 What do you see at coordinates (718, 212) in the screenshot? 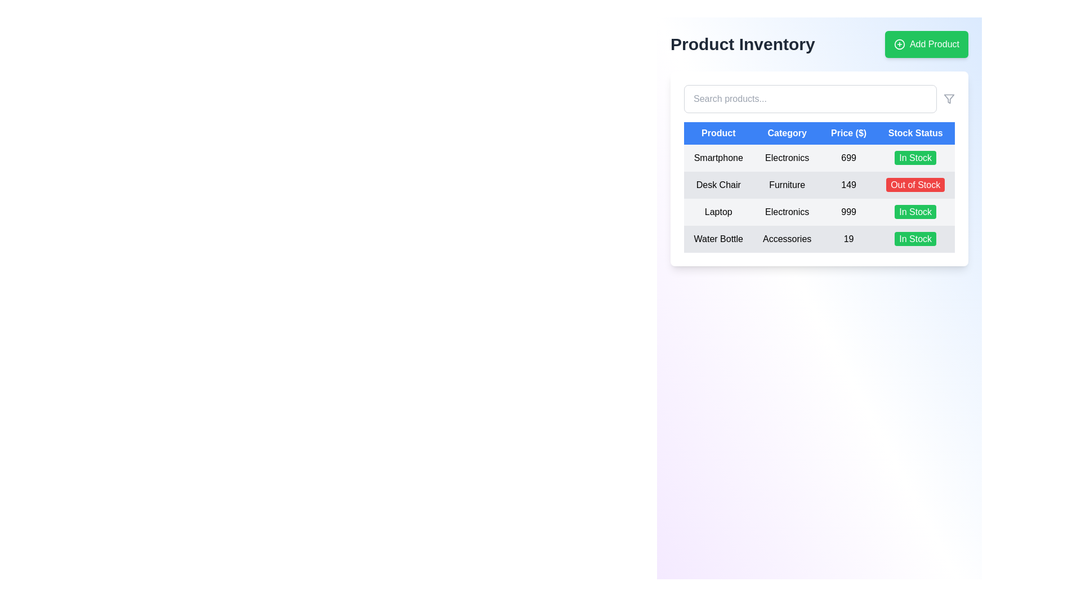
I see `the static text field displaying 'Laptop' in bold, black font, located in the first position of the product column in the third data row of the table` at bounding box center [718, 212].